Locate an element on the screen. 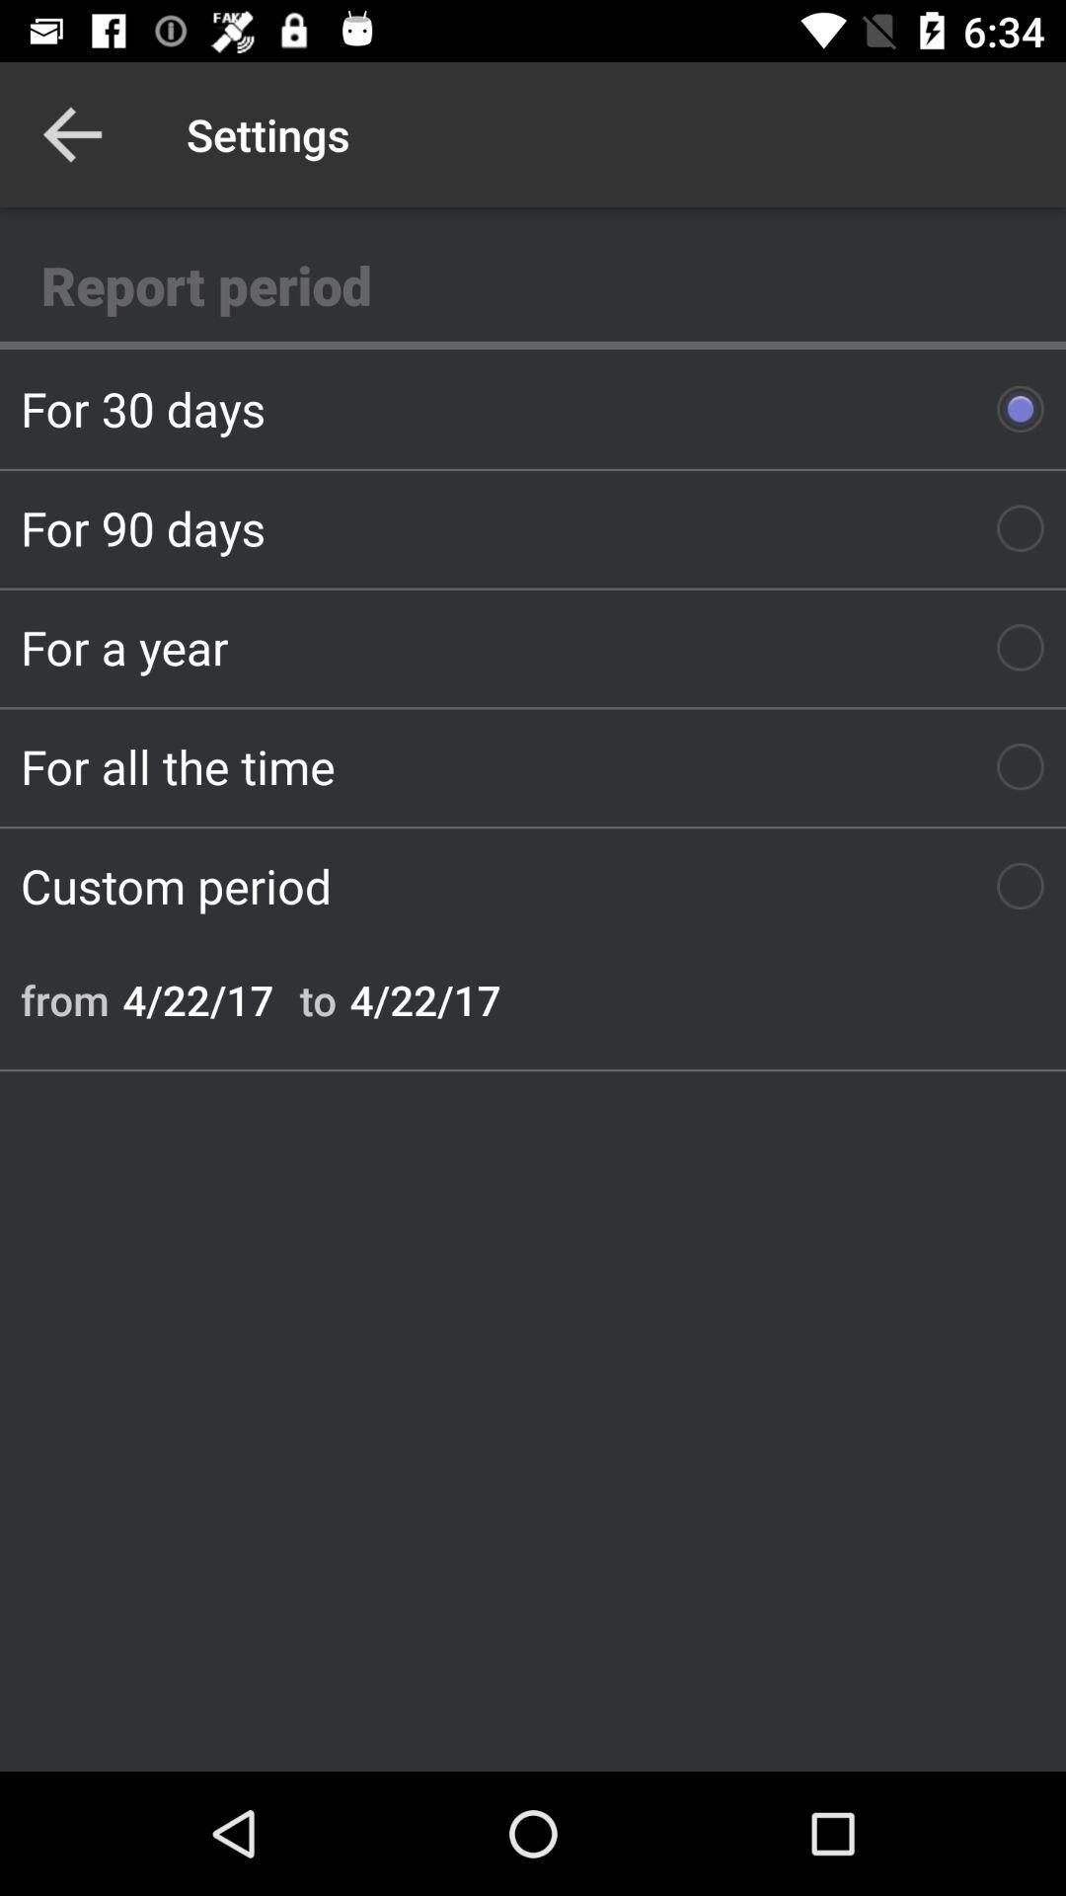  icon next to the 4/22/17 is located at coordinates (63, 999).